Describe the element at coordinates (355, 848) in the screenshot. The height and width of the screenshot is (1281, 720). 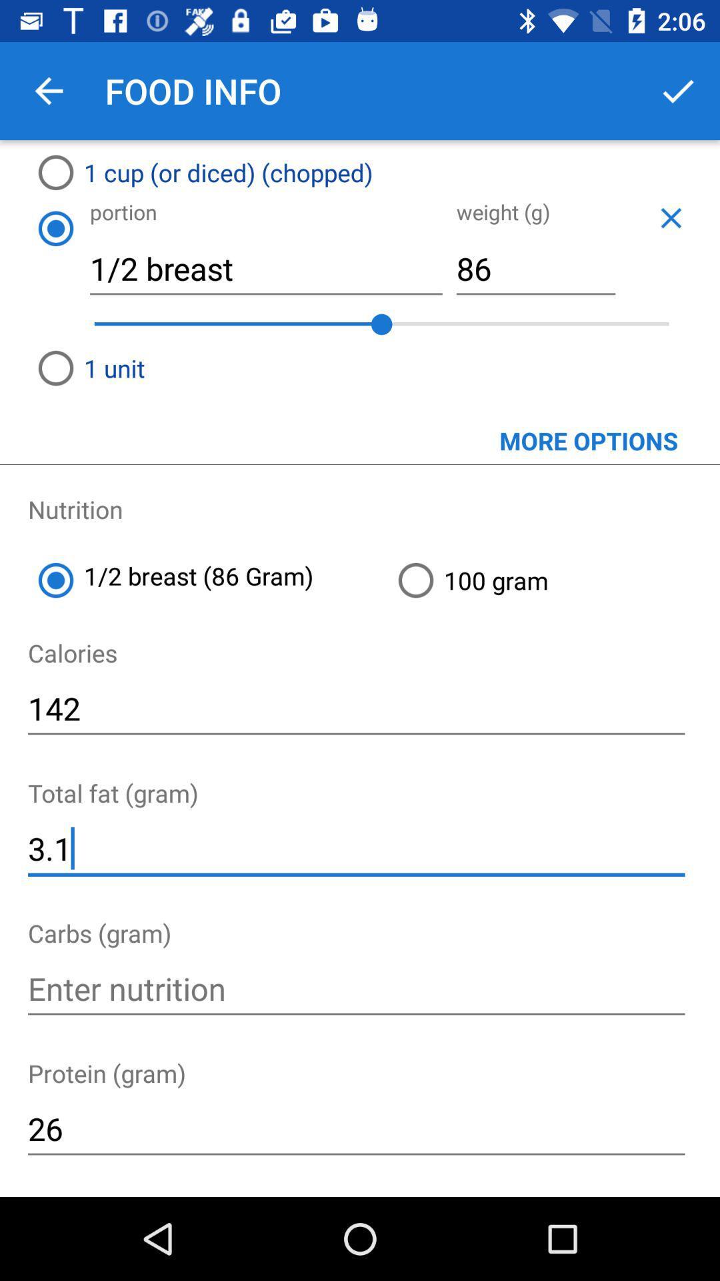
I see `item above the carbs (gram)` at that location.